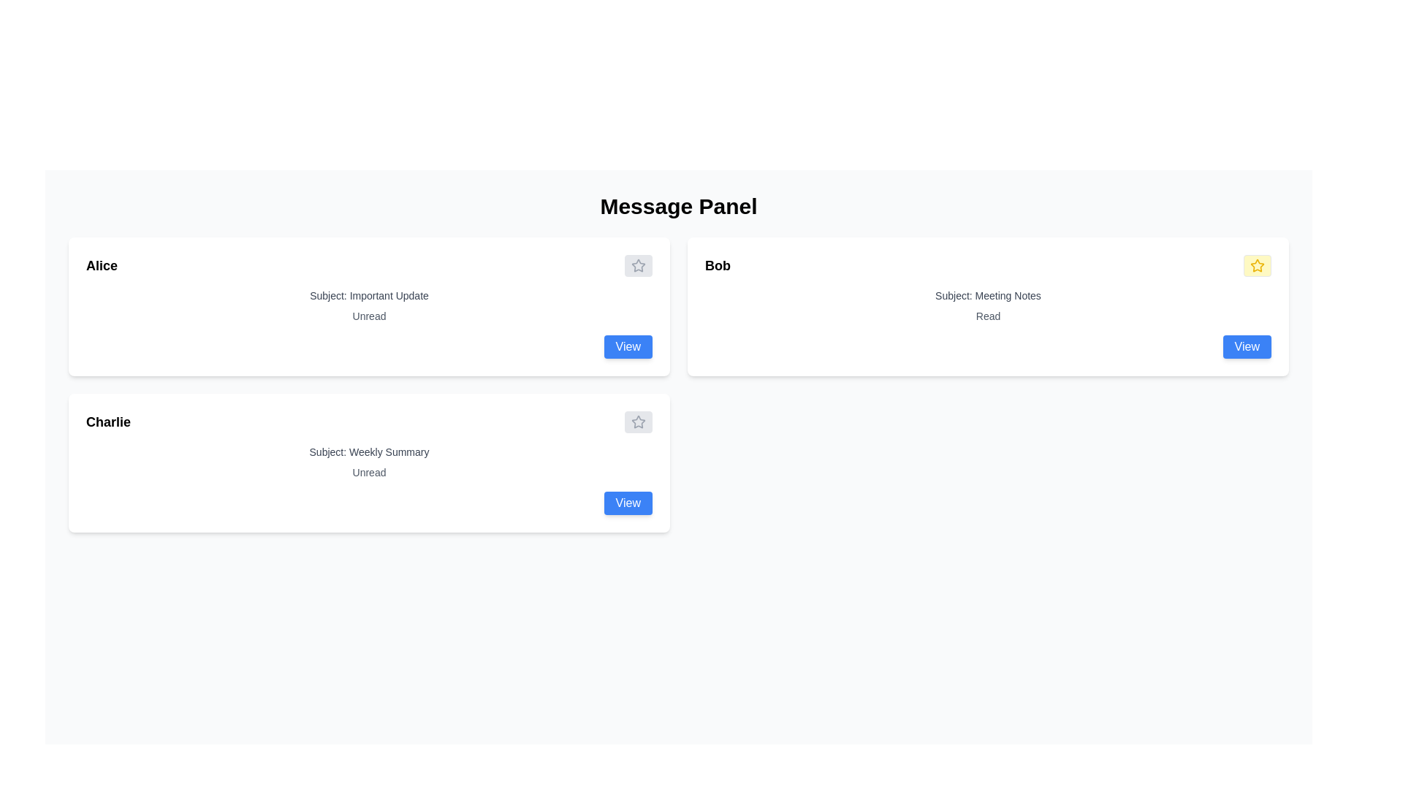 Image resolution: width=1403 pixels, height=789 pixels. Describe the element at coordinates (1257, 265) in the screenshot. I see `on the interactive star icon located in the top-right corner of the box associated with 'Bob'` at that location.